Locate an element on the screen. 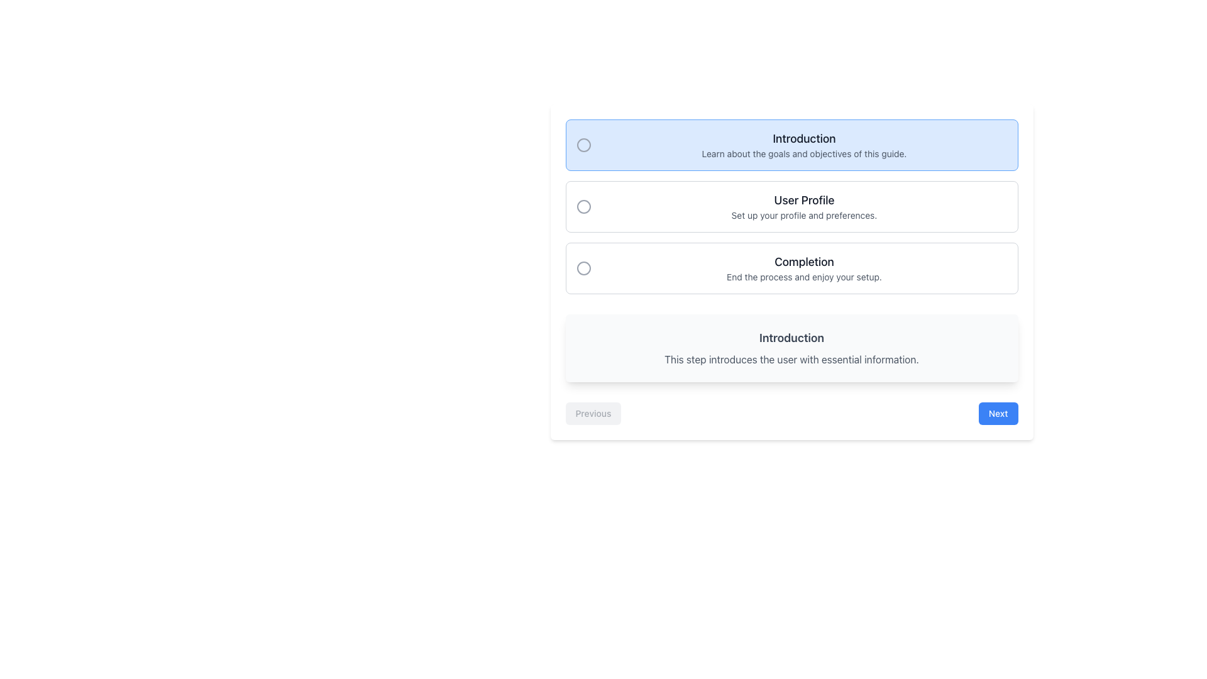 This screenshot has height=679, width=1207. the text label that reads 'End the process and enjoy your setup.' located below the heading 'Completion.' is located at coordinates (803, 276).